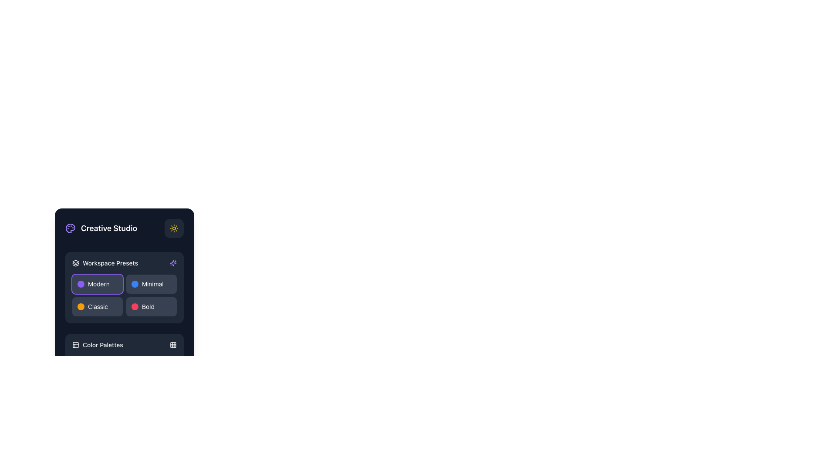  What do you see at coordinates (75, 345) in the screenshot?
I see `the graphical rectangle element with rounded corners located in the top-left portion of the interface` at bounding box center [75, 345].